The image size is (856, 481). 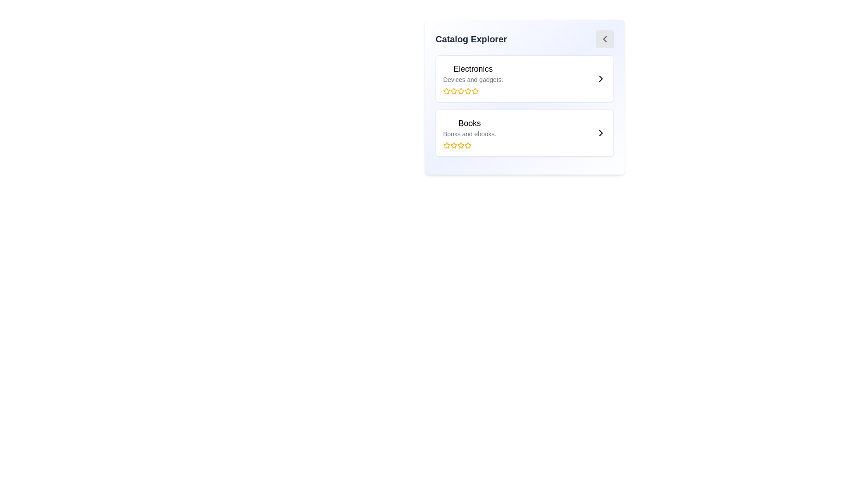 What do you see at coordinates (447, 91) in the screenshot?
I see `the first star icon in the 5-star rating system for the 'Electronics' category in the 'Catalog Explorer' interface` at bounding box center [447, 91].